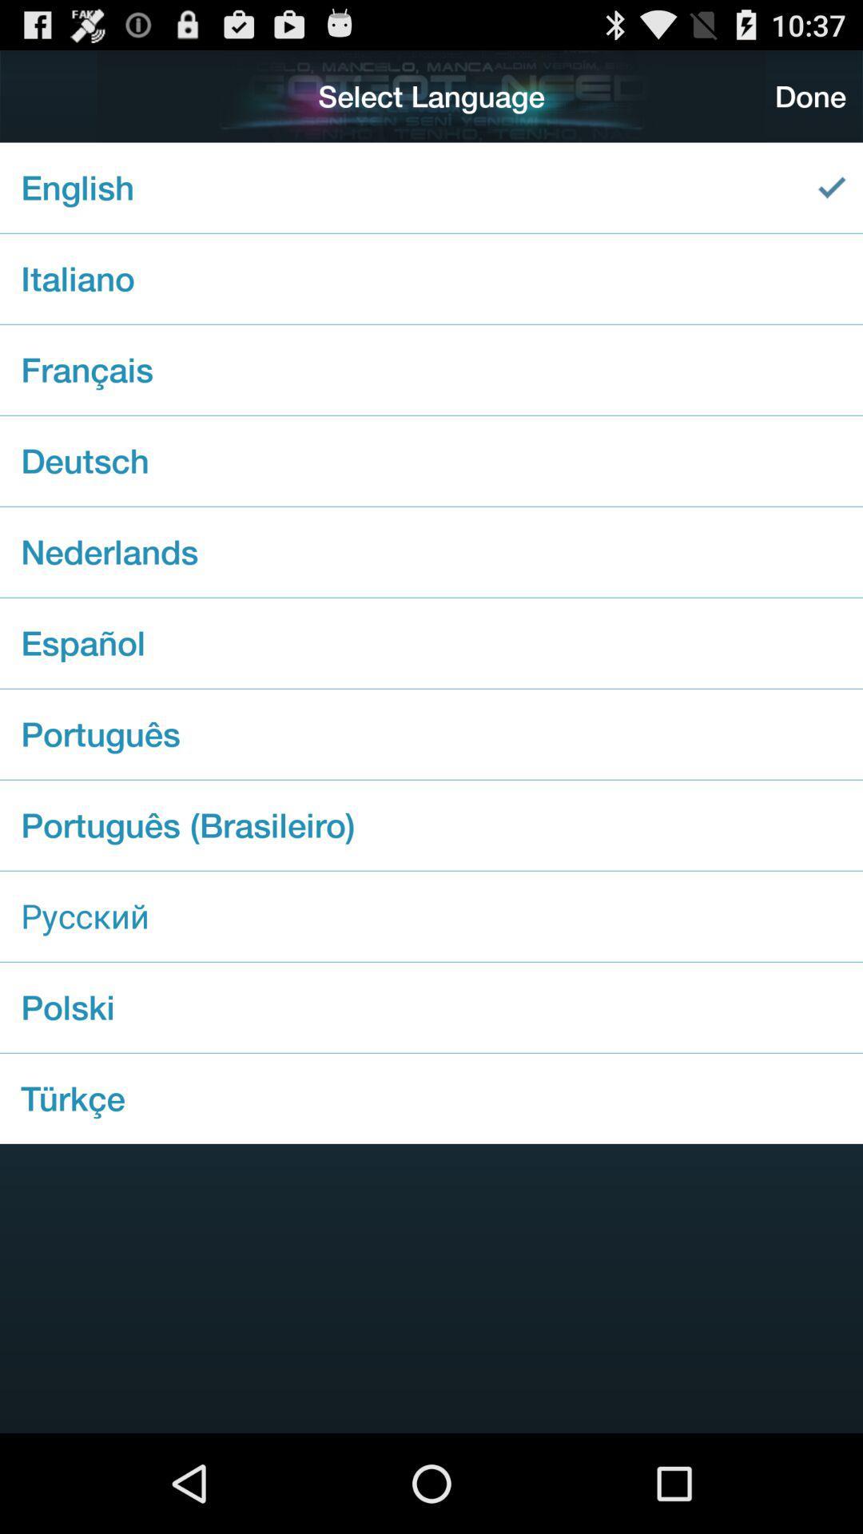 The width and height of the screenshot is (863, 1534). Describe the element at coordinates (810, 95) in the screenshot. I see `the icon at the top right corner` at that location.